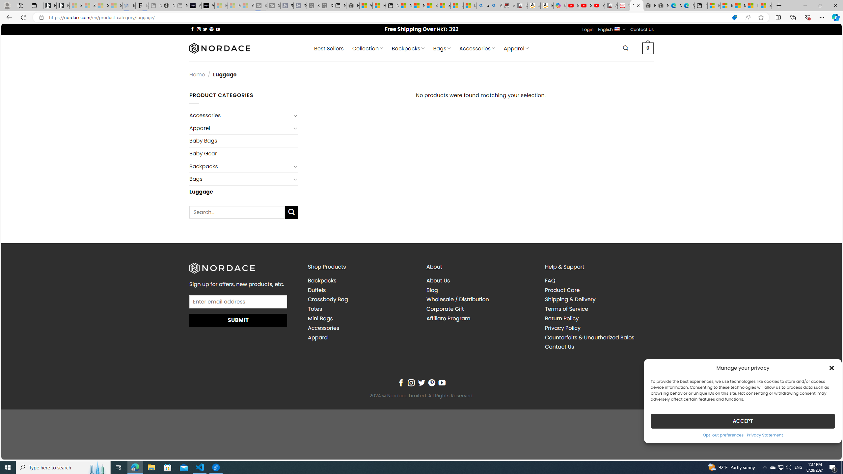 The height and width of the screenshot is (474, 843). Describe the element at coordinates (421, 383) in the screenshot. I see `'Follow on Twitter'` at that location.